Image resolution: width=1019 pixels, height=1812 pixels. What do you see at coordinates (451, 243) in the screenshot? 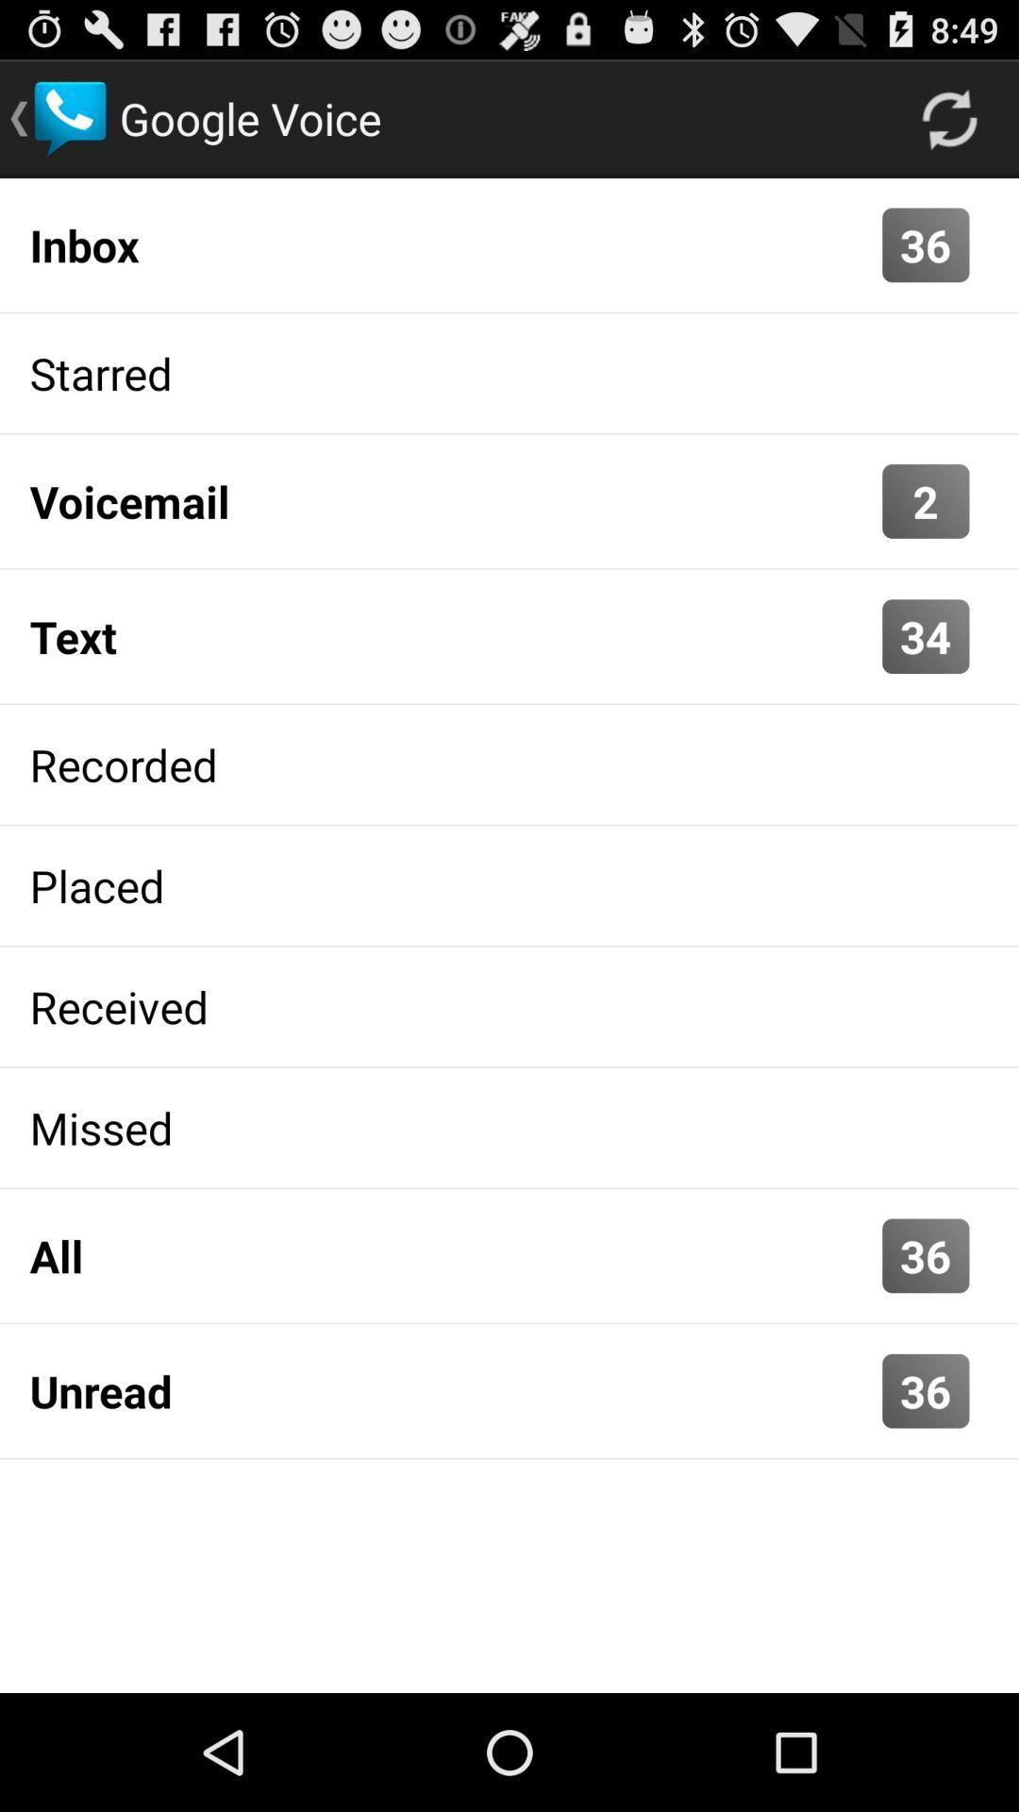
I see `the app above the starred` at bounding box center [451, 243].